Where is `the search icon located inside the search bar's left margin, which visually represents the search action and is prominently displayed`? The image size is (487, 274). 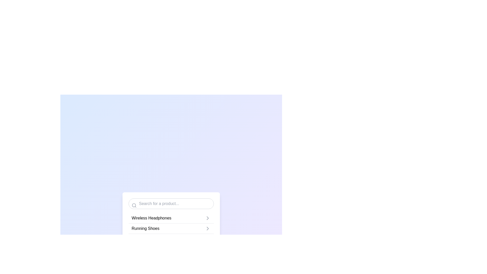
the search icon located inside the search bar's left margin, which visually represents the search action and is prominently displayed is located at coordinates (134, 205).